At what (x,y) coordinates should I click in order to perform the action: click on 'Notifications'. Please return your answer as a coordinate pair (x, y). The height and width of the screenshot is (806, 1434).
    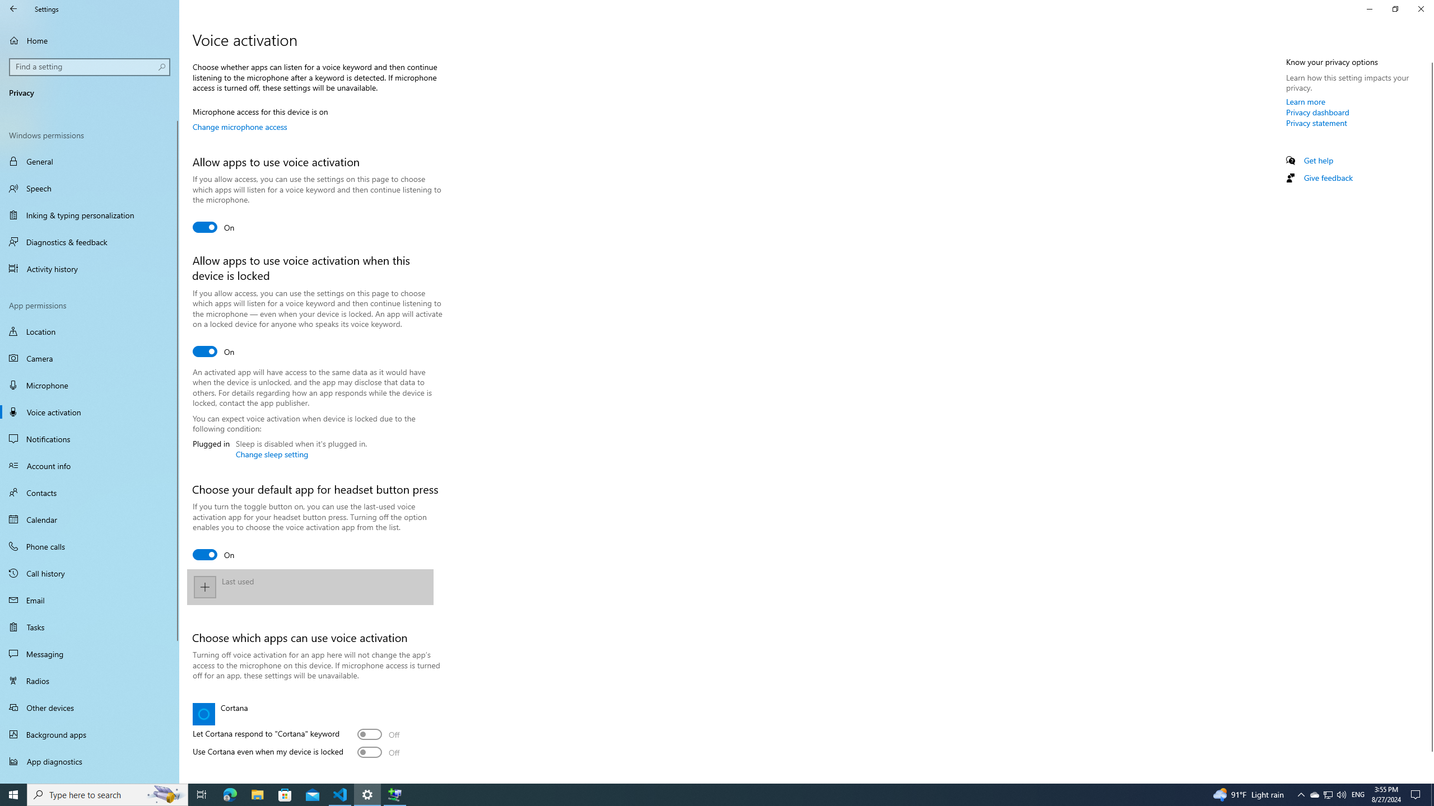
    Looking at the image, I should click on (89, 439).